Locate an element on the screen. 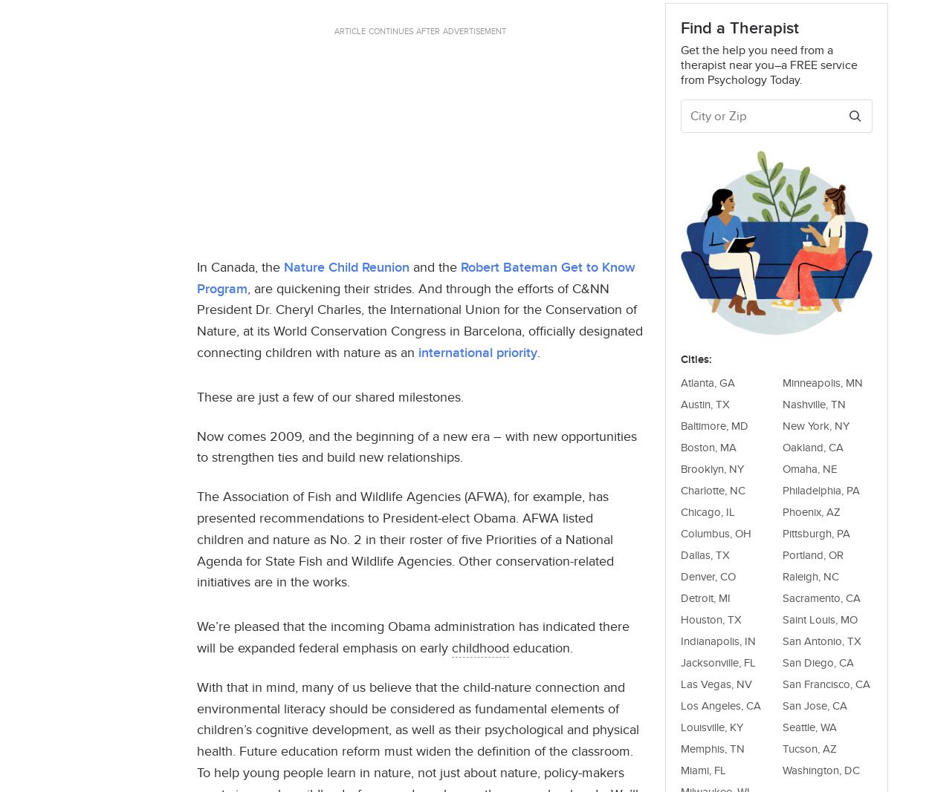 This screenshot has height=792, width=929. 'Now comes 2009, and the beginning of a new era – with new opportunities to strengthen ties and build new relationships.' is located at coordinates (197, 446).